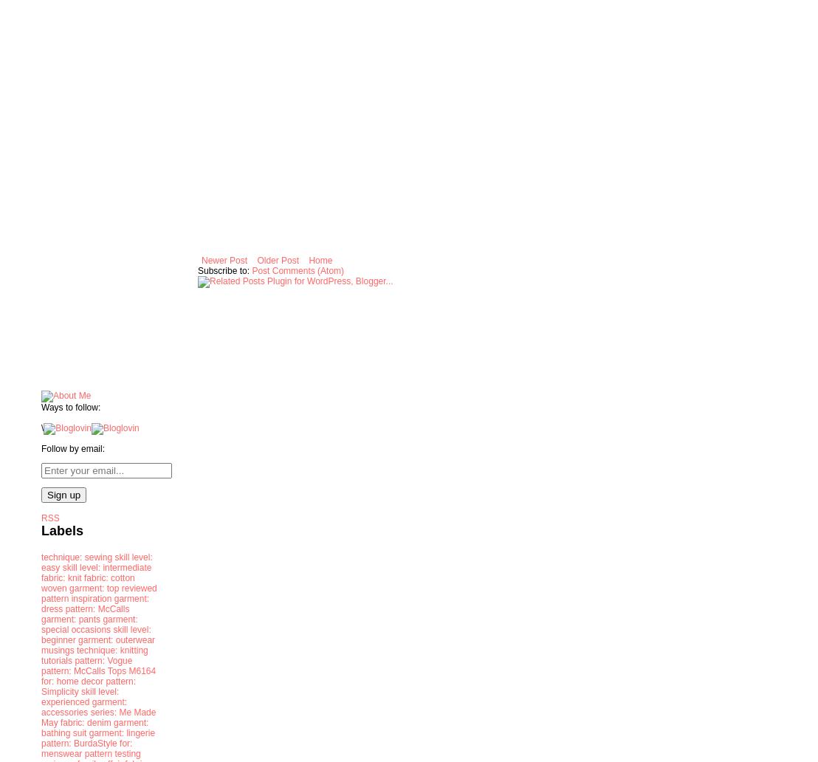  Describe the element at coordinates (86, 721) in the screenshot. I see `'fabric: denim'` at that location.